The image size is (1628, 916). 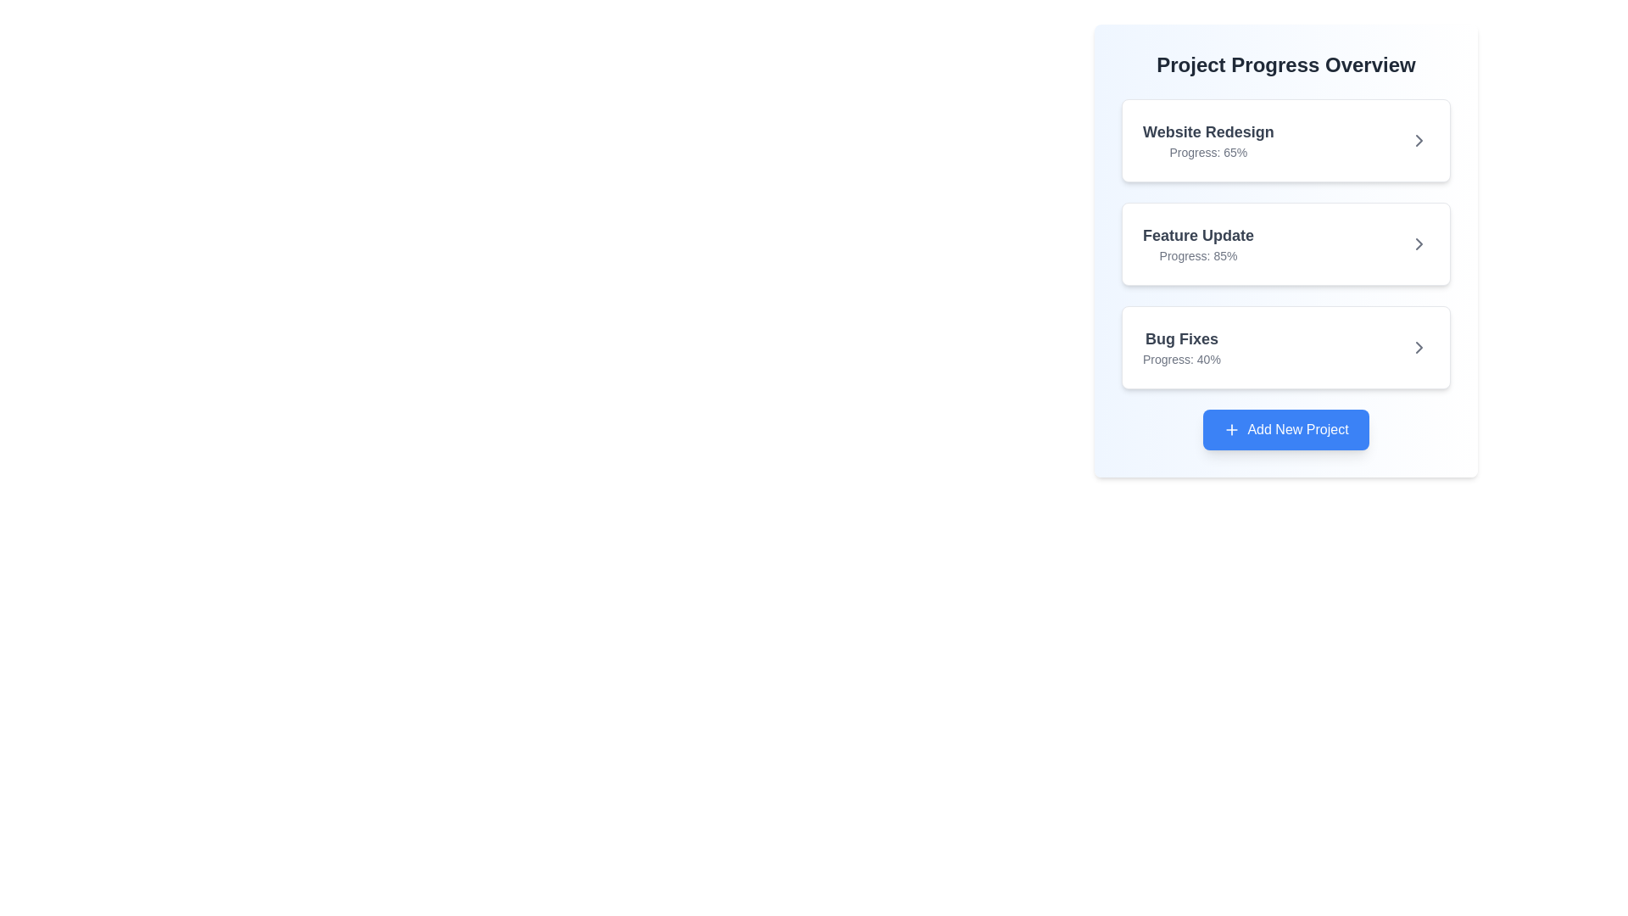 I want to click on the text label indicating the name of a project in the 'Project Progress Overview' panel, located in the upper left corner of the first rectangular section, above the progress text 'Progress: 65%', so click(x=1207, y=131).